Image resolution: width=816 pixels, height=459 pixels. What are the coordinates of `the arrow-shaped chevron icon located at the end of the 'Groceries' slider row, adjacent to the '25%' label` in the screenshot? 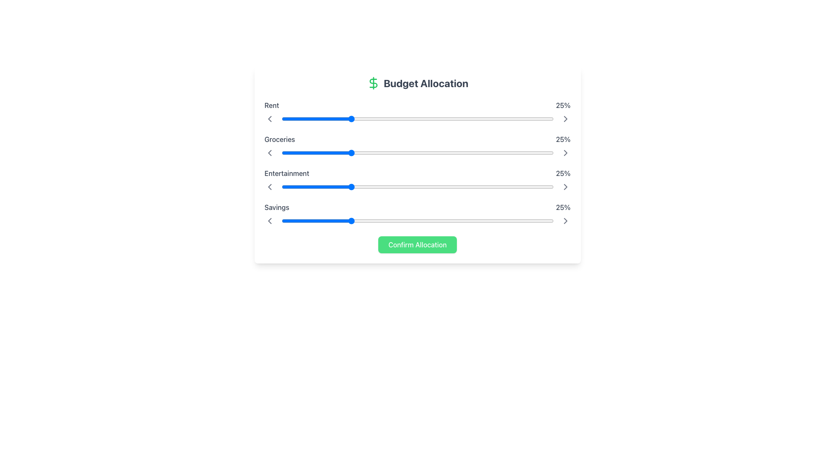 It's located at (565, 119).